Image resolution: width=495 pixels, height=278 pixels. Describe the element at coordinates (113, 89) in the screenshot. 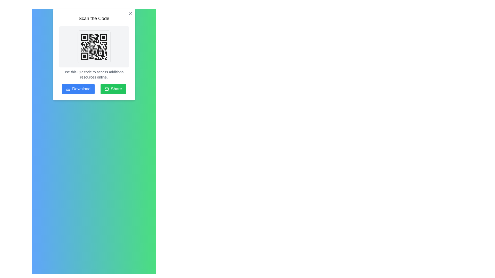

I see `the share button located at the bottom right of the dialog box, which is the second button from the left in a horizontal row` at that location.